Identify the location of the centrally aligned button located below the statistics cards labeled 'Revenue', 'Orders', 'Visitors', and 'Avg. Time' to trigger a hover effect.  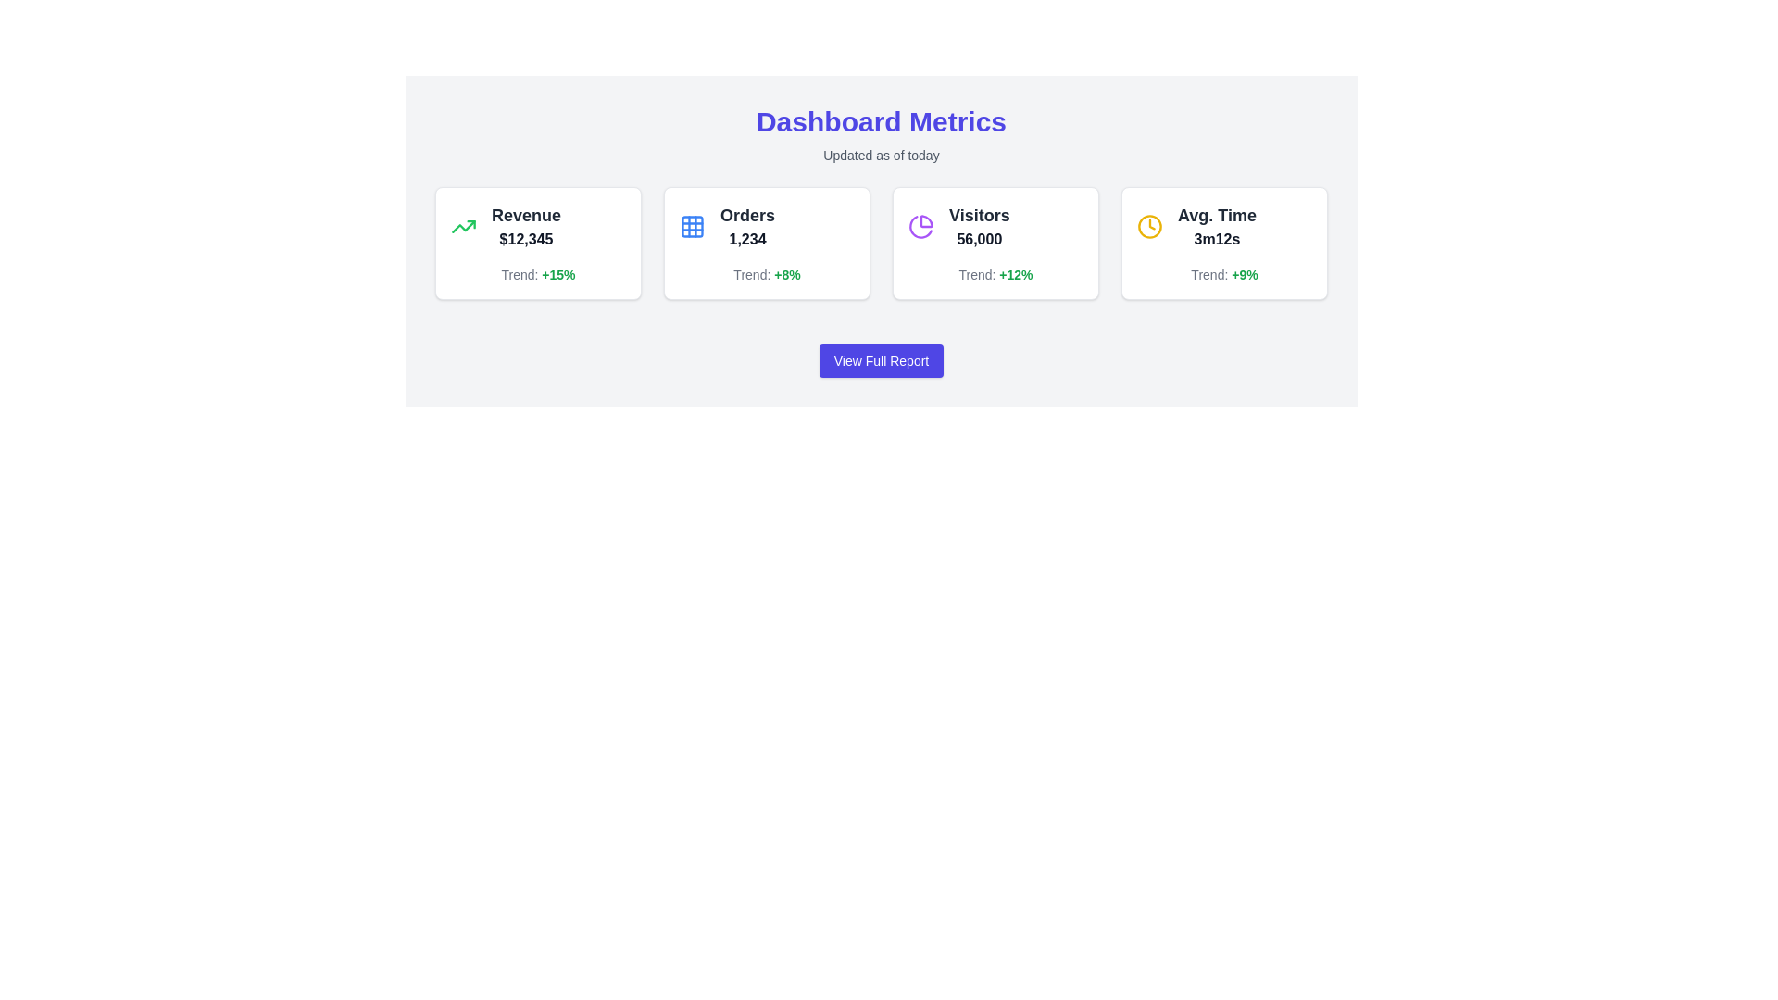
(880, 360).